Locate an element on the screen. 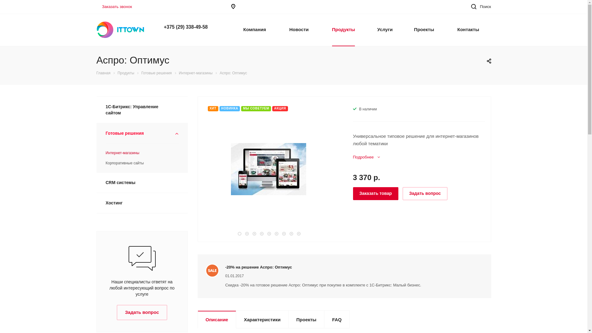  '4' is located at coordinates (261, 234).